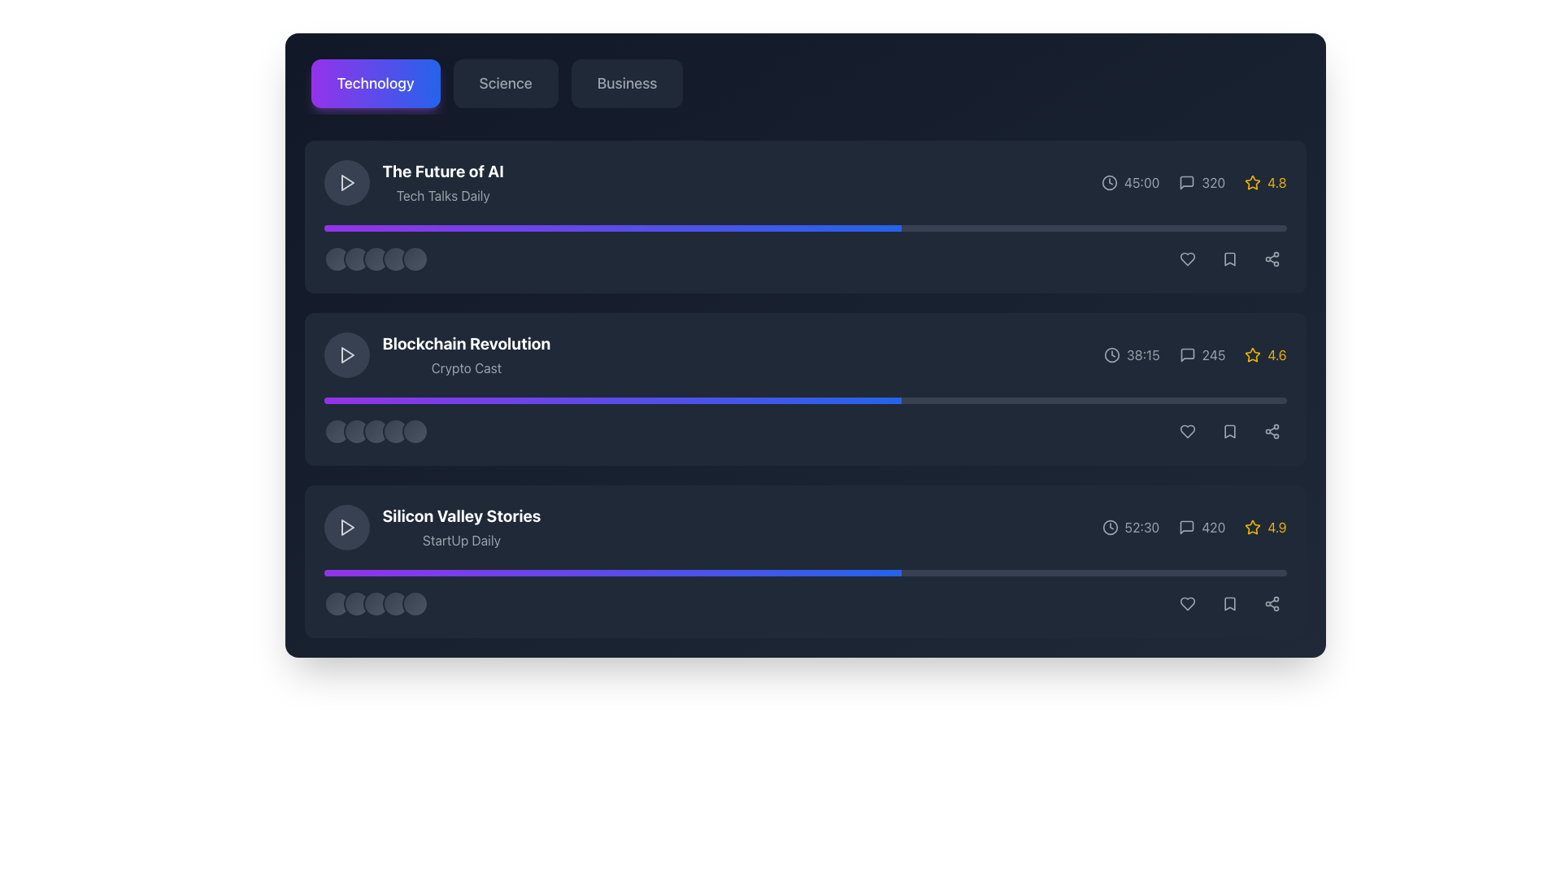 The width and height of the screenshot is (1561, 878). Describe the element at coordinates (1252, 354) in the screenshot. I see `the Star rating icon in the second row of the podcast entry titled 'Blockchain Revolution'` at that location.